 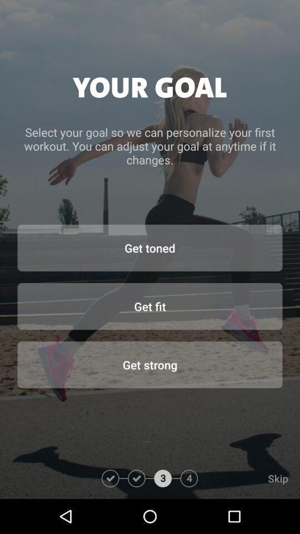 I want to click on item above get fit, so click(x=150, y=248).